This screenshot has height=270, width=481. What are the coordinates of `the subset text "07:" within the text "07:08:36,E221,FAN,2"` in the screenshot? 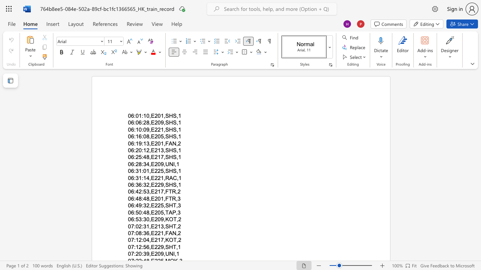 It's located at (128, 232).